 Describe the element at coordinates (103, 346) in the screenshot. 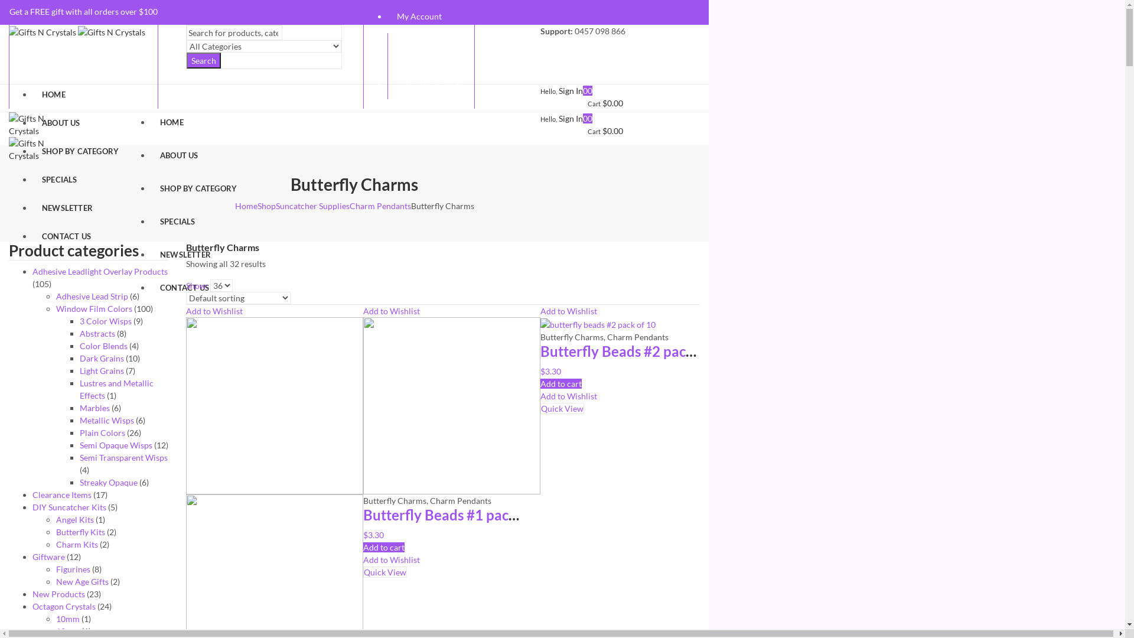

I see `'Color Blends'` at that location.